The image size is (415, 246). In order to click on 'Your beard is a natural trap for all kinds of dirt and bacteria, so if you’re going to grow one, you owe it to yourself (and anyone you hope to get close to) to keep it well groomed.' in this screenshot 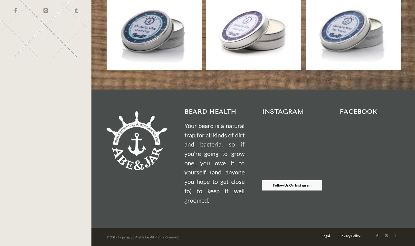, I will do `click(183, 162)`.